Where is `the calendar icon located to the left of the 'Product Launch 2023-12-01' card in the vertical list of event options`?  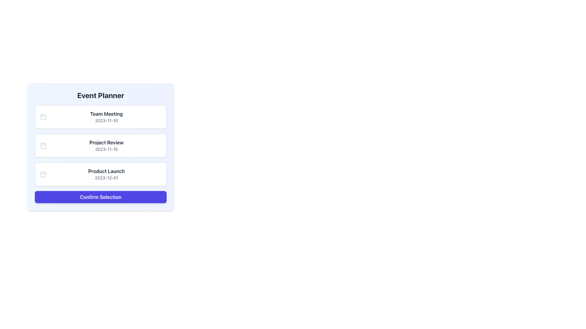
the calendar icon located to the left of the 'Product Launch 2023-12-01' card in the vertical list of event options is located at coordinates (43, 174).